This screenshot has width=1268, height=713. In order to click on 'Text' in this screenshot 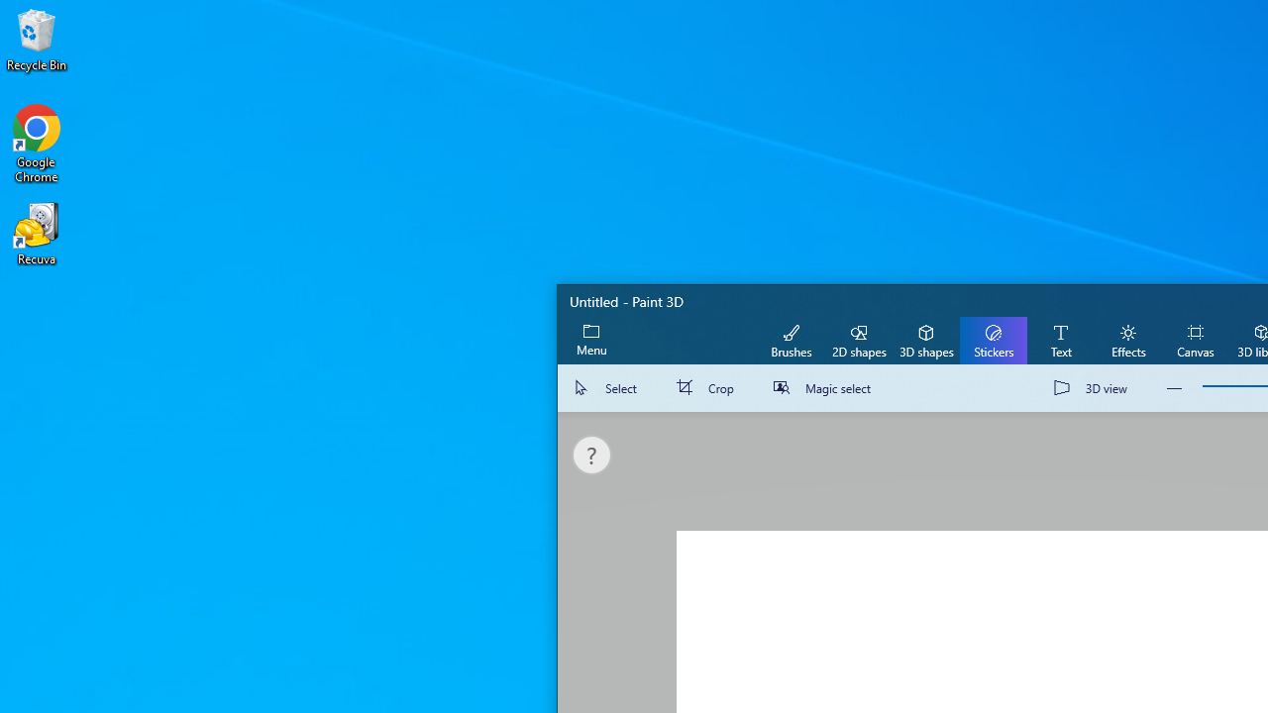, I will do `click(1059, 339)`.